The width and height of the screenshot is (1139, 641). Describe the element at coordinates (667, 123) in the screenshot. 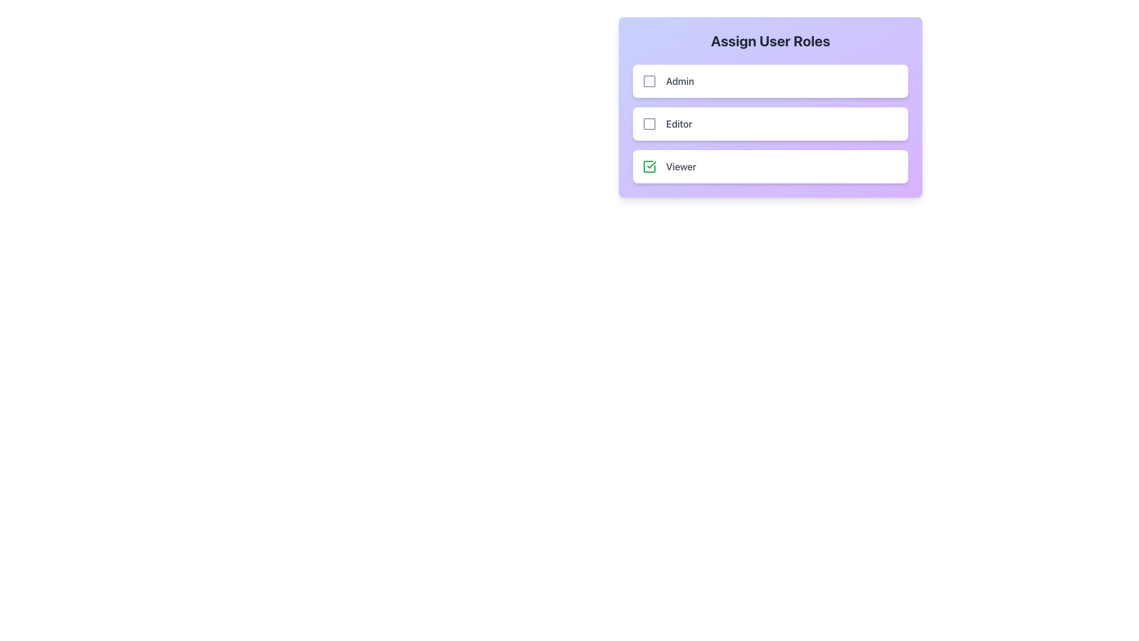

I see `the List item with the checkbox labeled 'Editor'` at that location.